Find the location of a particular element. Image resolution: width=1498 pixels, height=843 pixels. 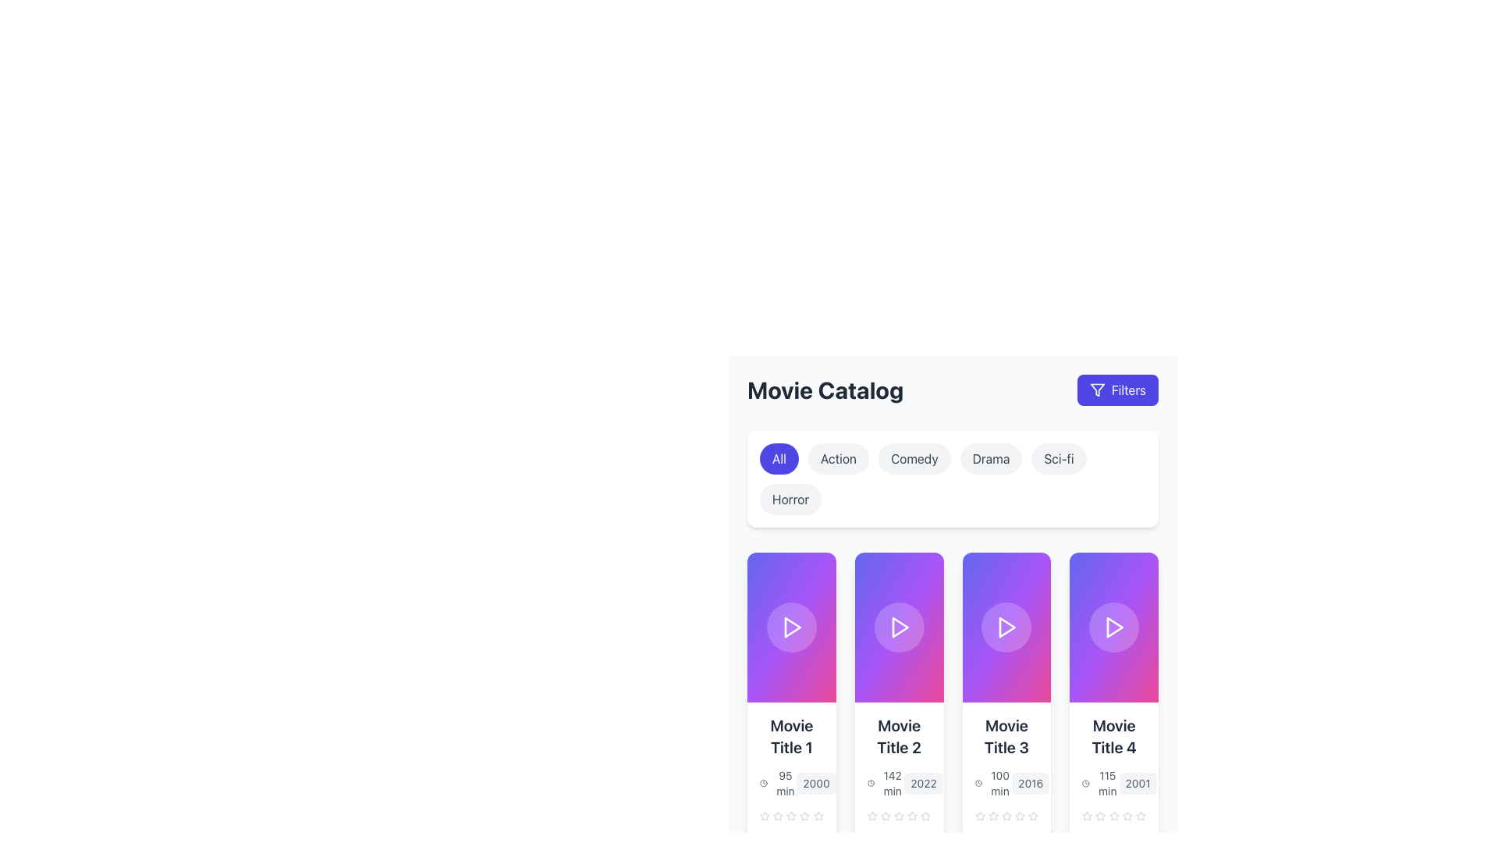

on the sixth star icon from the left in the rating sequence below the 'Movie Title 1' section is located at coordinates (805, 815).